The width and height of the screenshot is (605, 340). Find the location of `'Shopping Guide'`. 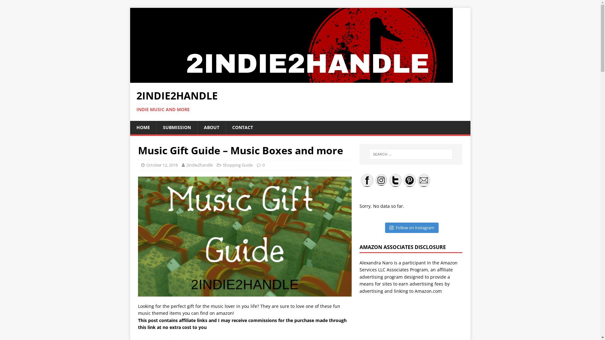

'Shopping Guide' is located at coordinates (222, 165).